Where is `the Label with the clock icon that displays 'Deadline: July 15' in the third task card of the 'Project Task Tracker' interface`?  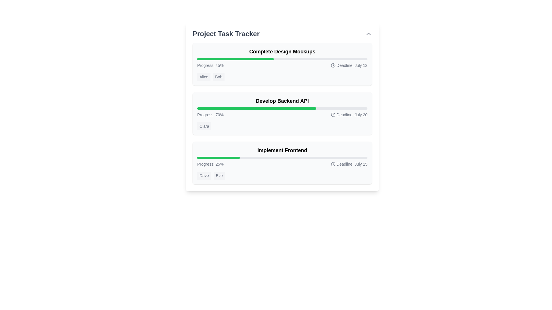 the Label with the clock icon that displays 'Deadline: July 15' in the third task card of the 'Project Task Tracker' interface is located at coordinates (349, 164).